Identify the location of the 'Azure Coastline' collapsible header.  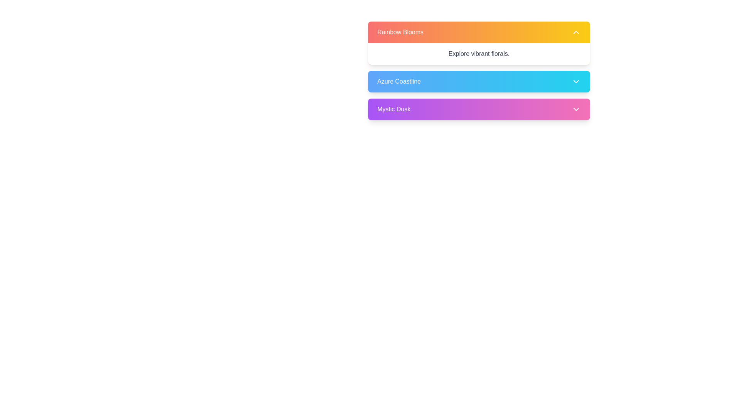
(479, 74).